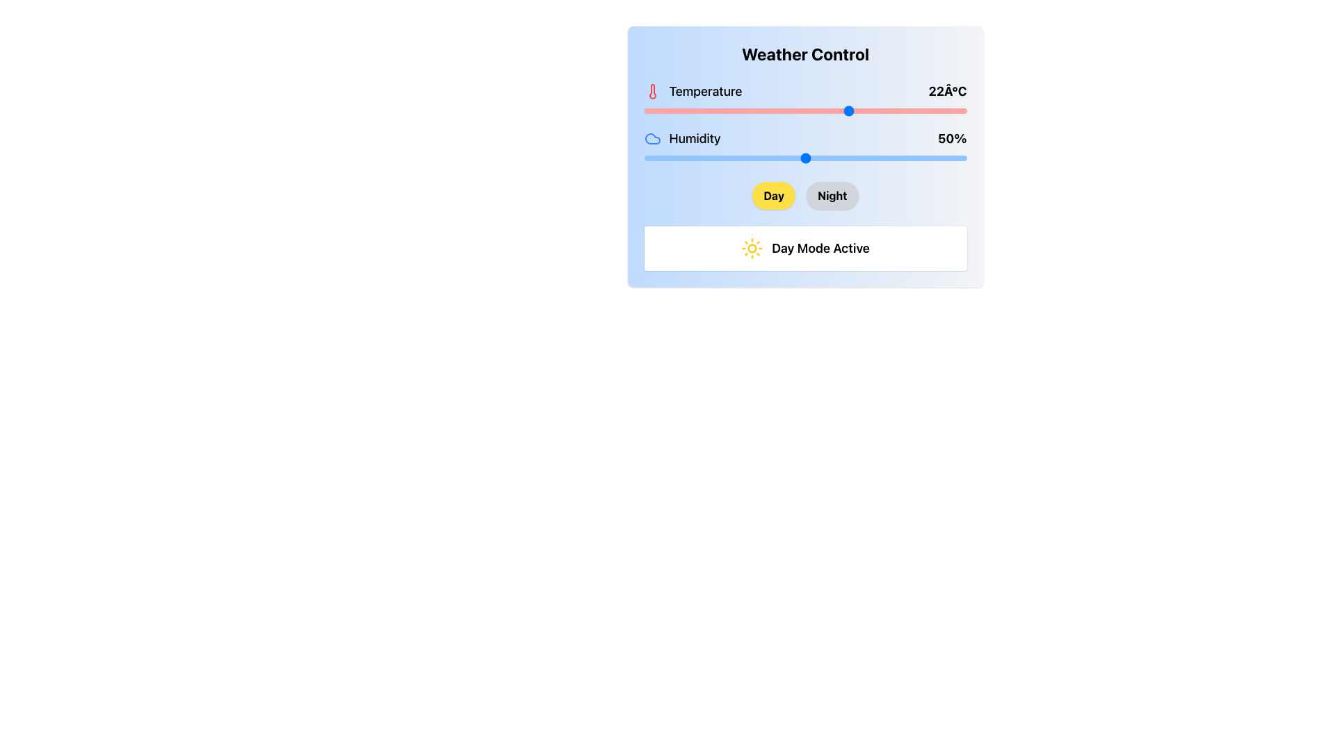 This screenshot has height=750, width=1335. What do you see at coordinates (805, 110) in the screenshot?
I see `the red temperature slider located below the 'Temperature' label and adjacent to the numerical display of '22°C' for precise value adjustments` at bounding box center [805, 110].